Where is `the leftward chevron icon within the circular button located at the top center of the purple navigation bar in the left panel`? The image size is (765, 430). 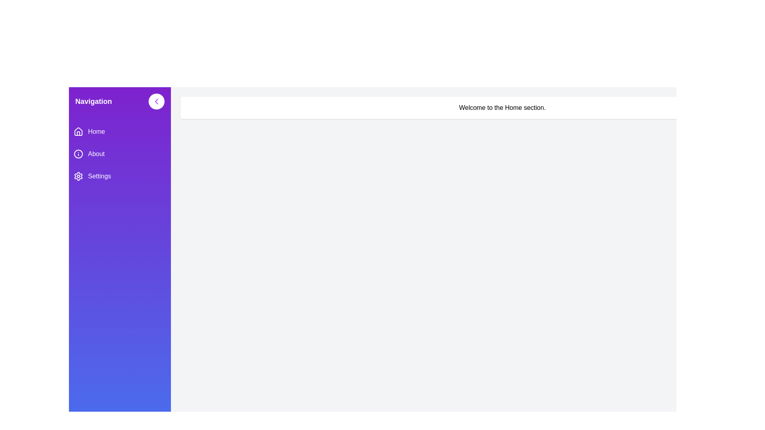
the leftward chevron icon within the circular button located at the top center of the purple navigation bar in the left panel is located at coordinates (157, 101).